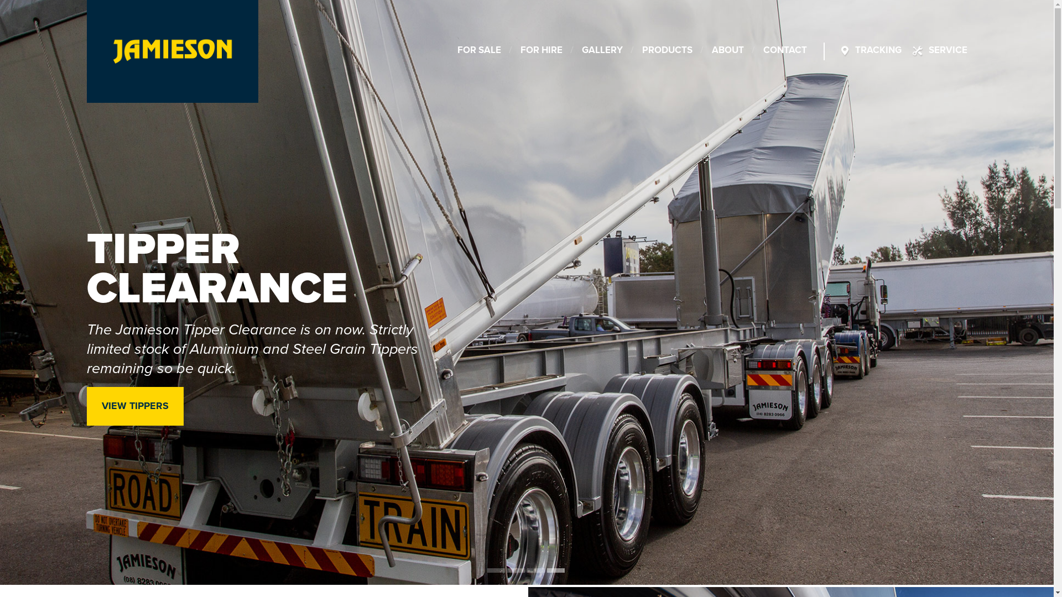  What do you see at coordinates (134, 406) in the screenshot?
I see `'VIEW TIPPERS'` at bounding box center [134, 406].